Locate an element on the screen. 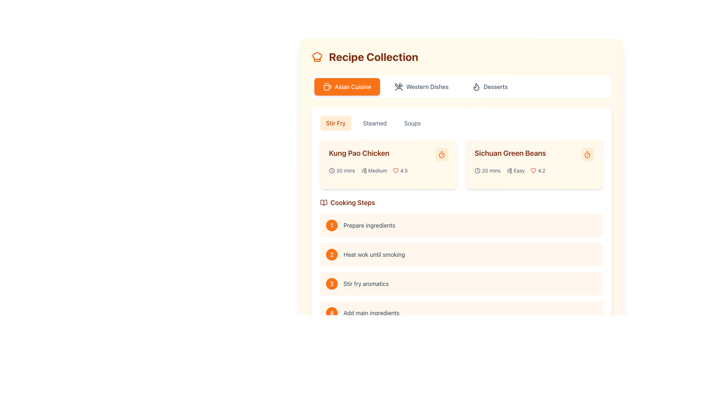 This screenshot has height=394, width=701. the 'Western Dishes' button, which is the second button in a horizontal list of three buttons at the top center of the interface is located at coordinates (421, 86).